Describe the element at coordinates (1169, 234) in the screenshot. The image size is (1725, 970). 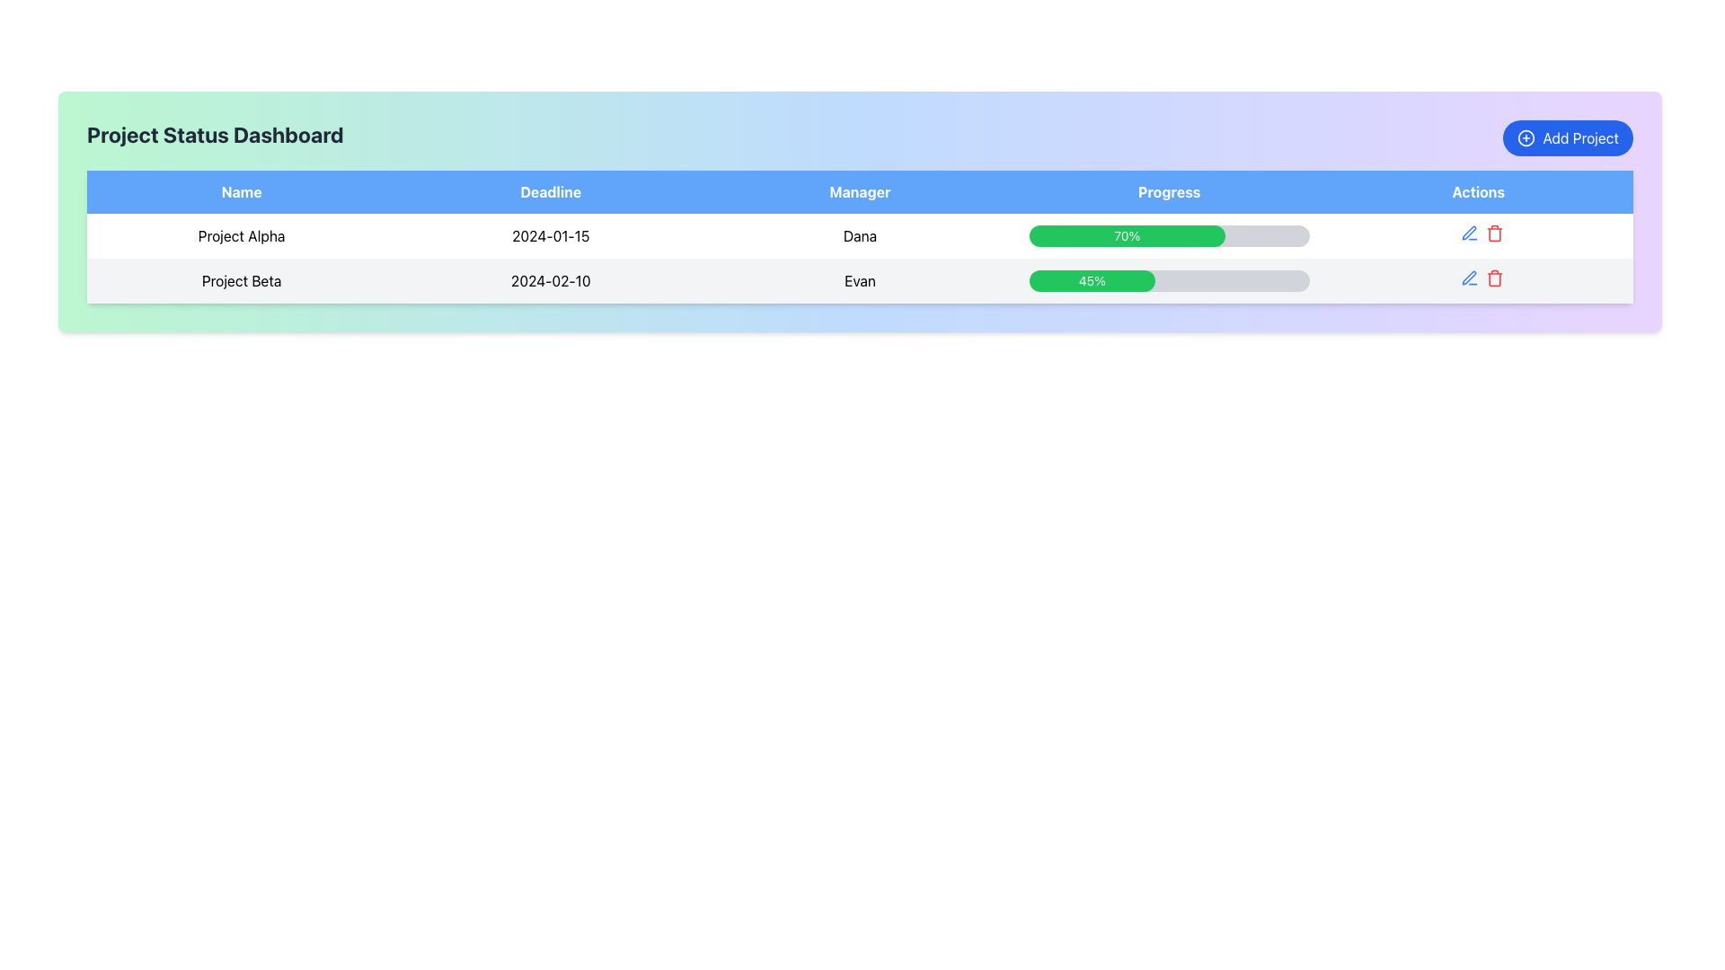
I see `the visual progress of the progress bar that displays '70%' in white within the green filled section, located in the 'Progress' column of the first row adjacent to the 'Dana' entry in the 'Manager' column` at that location.